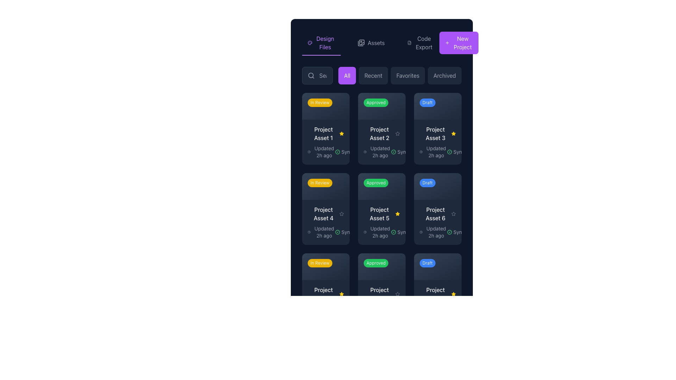  What do you see at coordinates (323, 213) in the screenshot?
I see `the Text label displaying 'Project Asset 4' located in the second card of the left column of the grid layout` at bounding box center [323, 213].